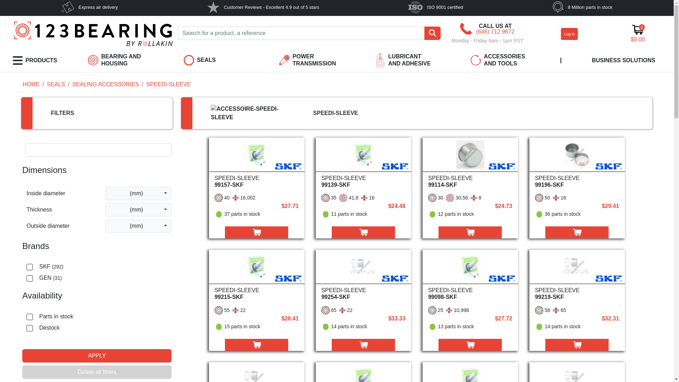 Image resolution: width=679 pixels, height=382 pixels. Describe the element at coordinates (582, 7) in the screenshot. I see `'8 Million parts in stock` at that location.